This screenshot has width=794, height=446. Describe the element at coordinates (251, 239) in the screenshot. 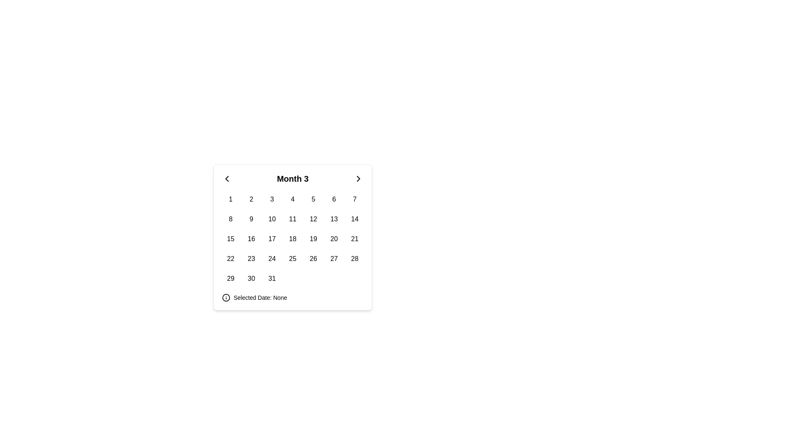

I see `the button representing the 16th day of the month in the calendar view for keyboard interaction` at that location.